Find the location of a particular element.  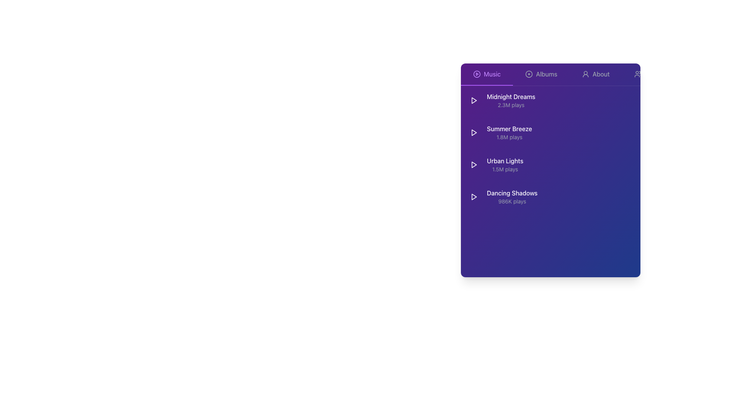

the second list item displaying a song title and play count, located on a purple background is located at coordinates (499, 132).